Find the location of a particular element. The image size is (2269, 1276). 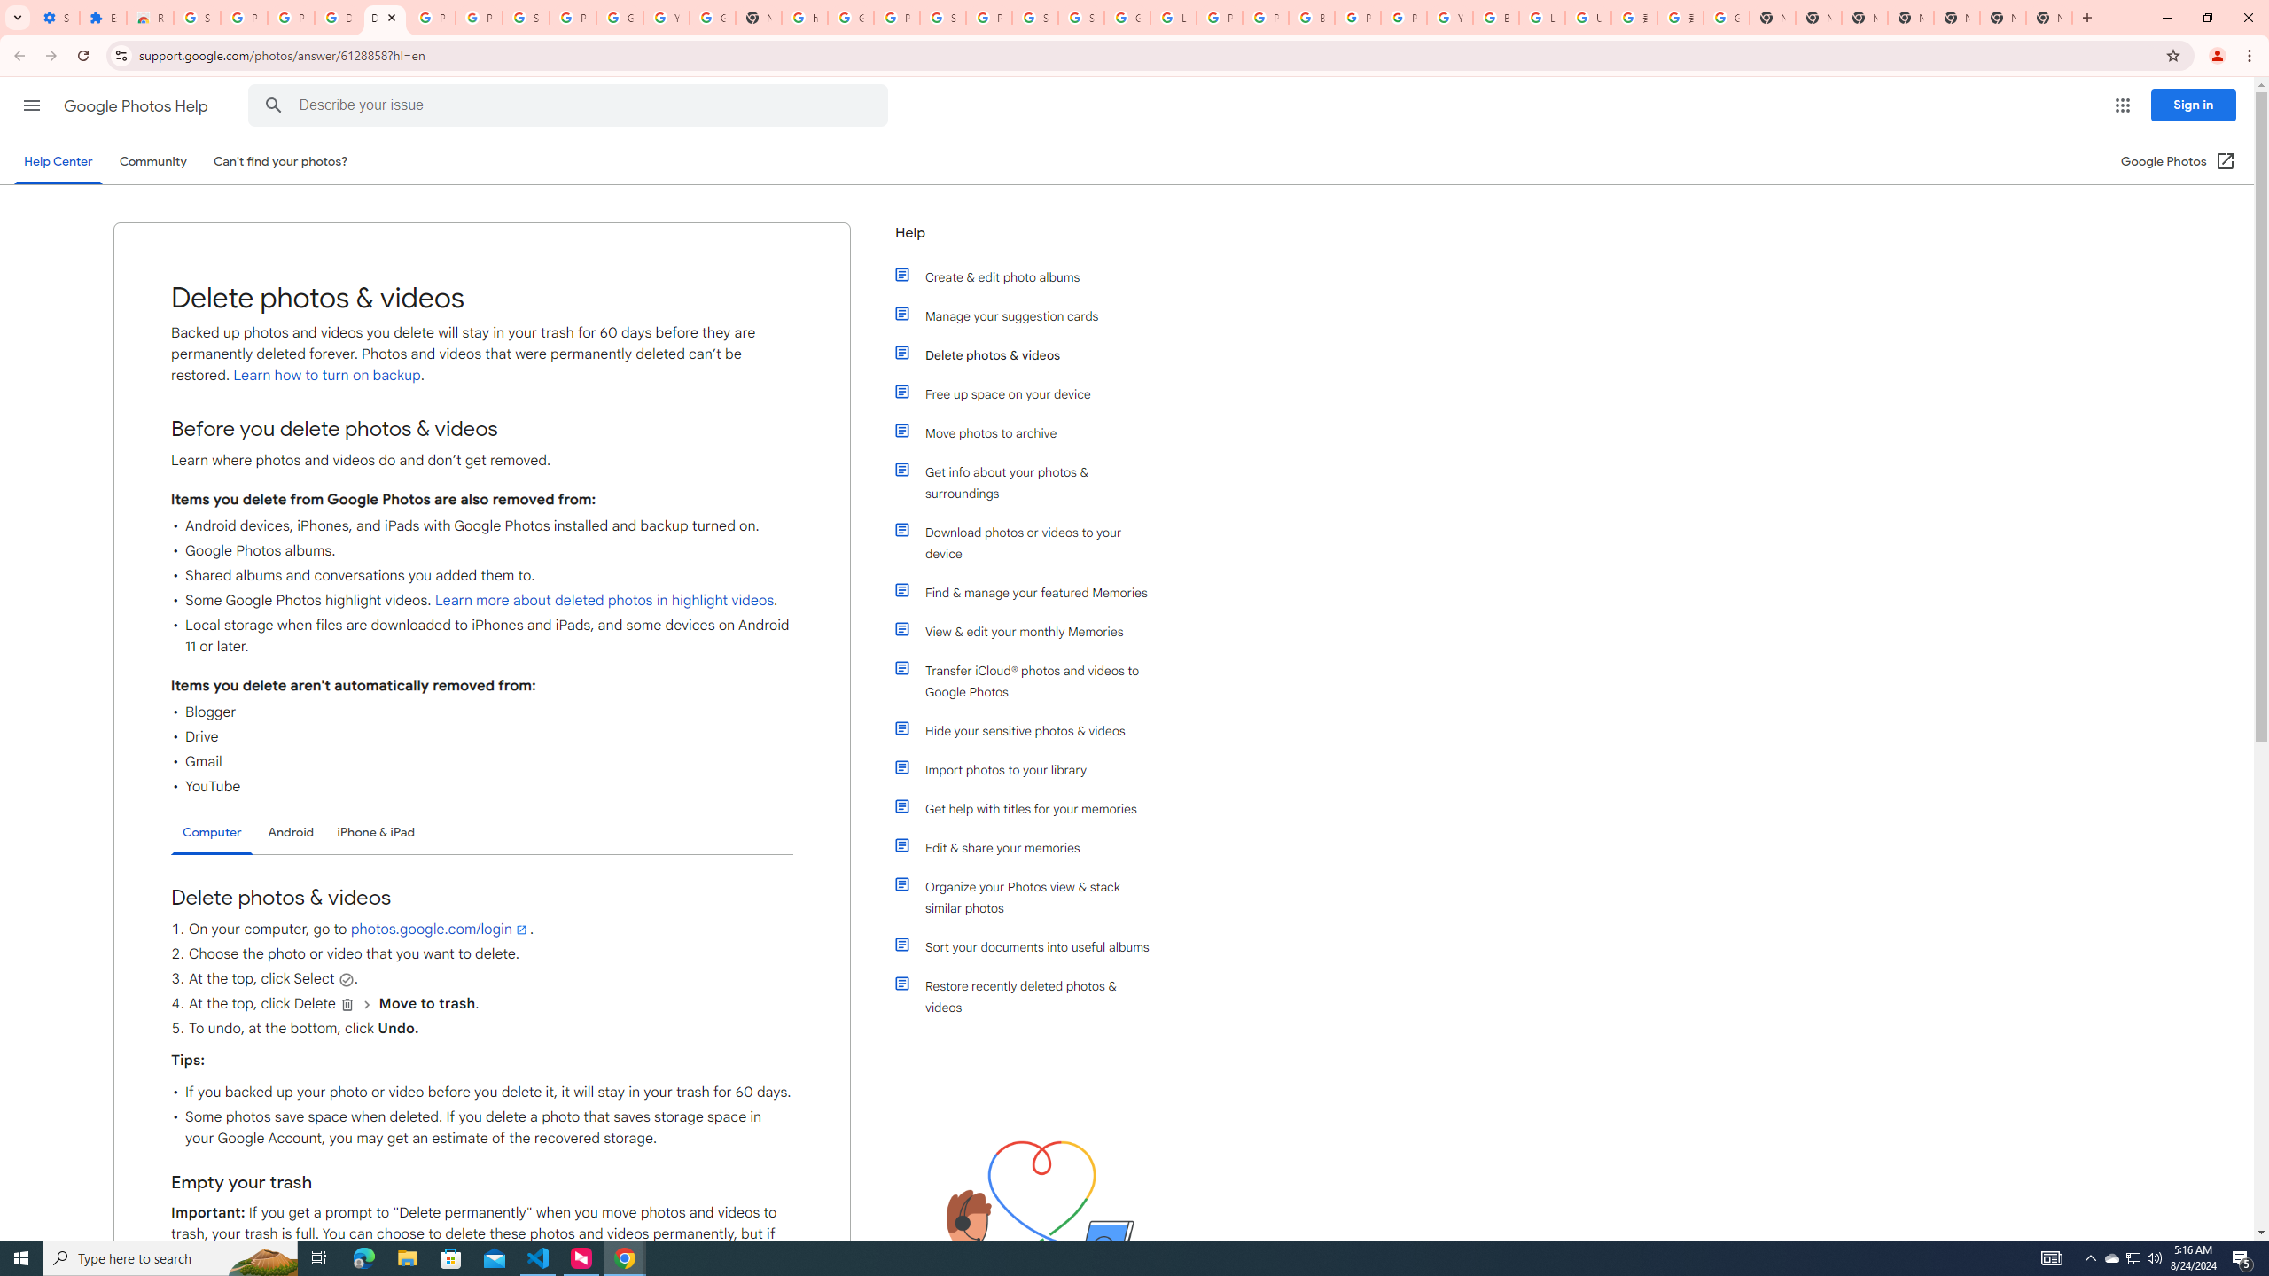

' Learn how to turn on backup' is located at coordinates (324, 376).